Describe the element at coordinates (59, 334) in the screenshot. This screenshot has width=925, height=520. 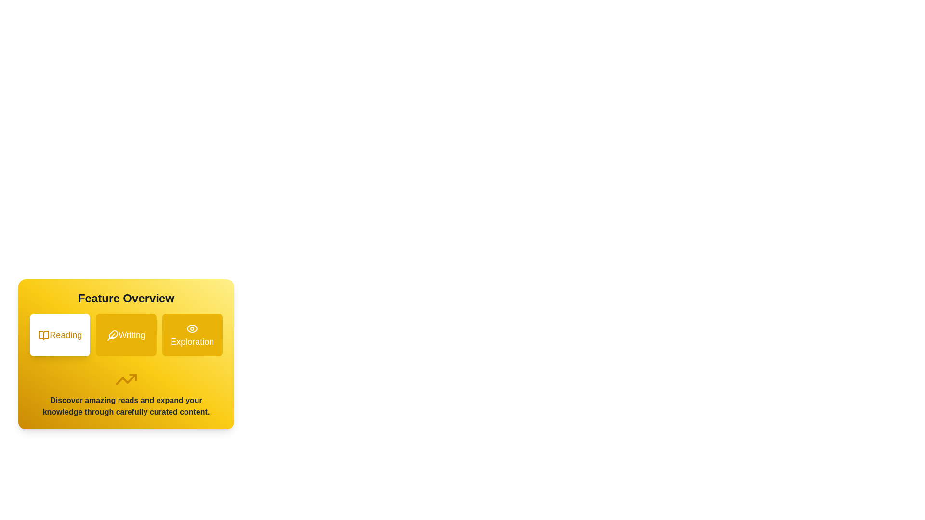
I see `the 'Reading' button located within the 'Feature Overview' panel` at that location.